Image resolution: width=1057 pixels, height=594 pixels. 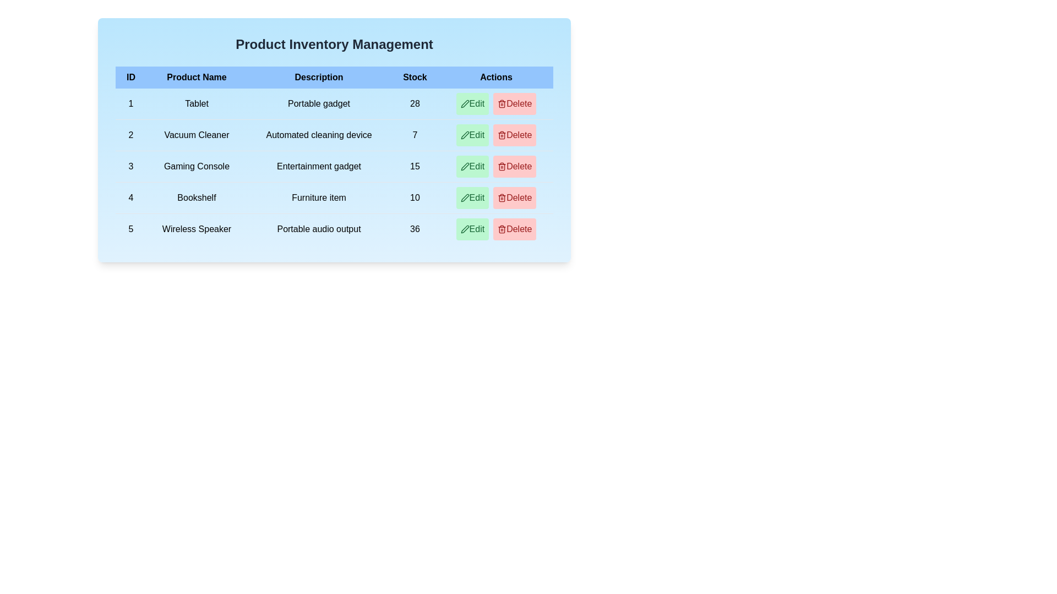 What do you see at coordinates (465, 104) in the screenshot?
I see `the 'Edit' action icon located inside the 'Actions' column of the first row of the table, which is represented by a green button with rounded corners and padding` at bounding box center [465, 104].